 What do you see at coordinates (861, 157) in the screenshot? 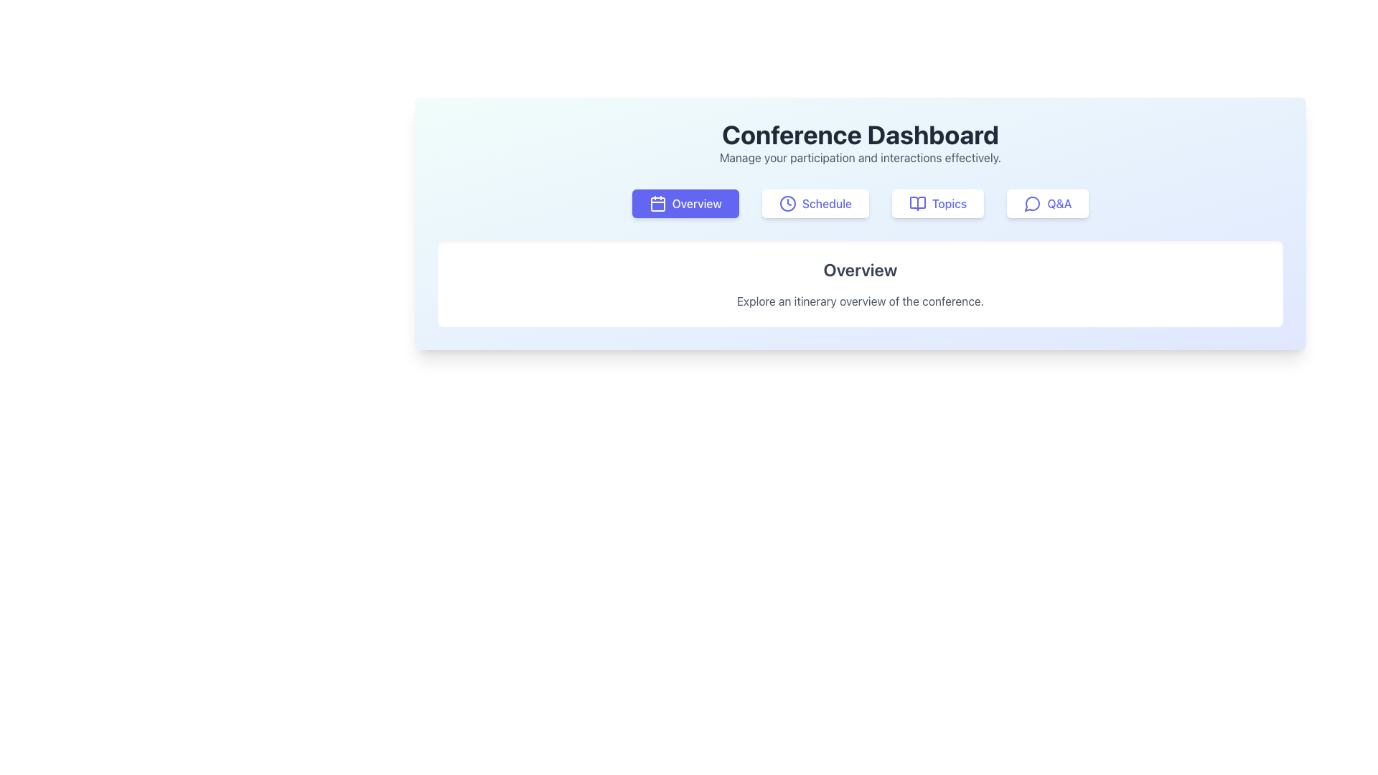
I see `text element located just below the 'Conference Dashboard' heading, styled in gray and smaller font size` at bounding box center [861, 157].